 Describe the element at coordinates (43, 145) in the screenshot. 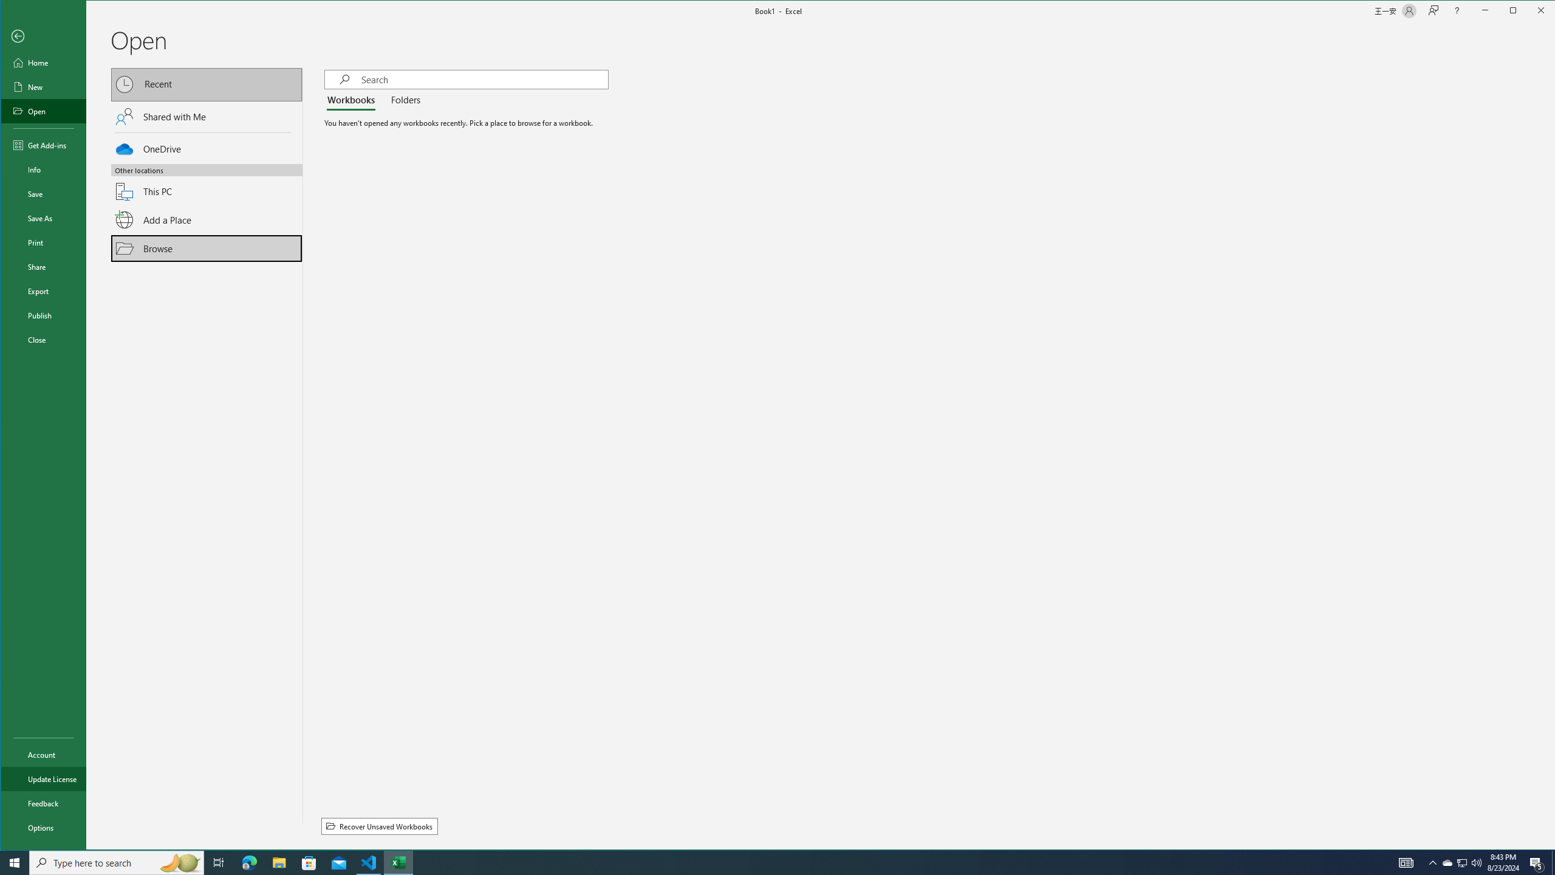

I see `'Get Add-ins'` at that location.